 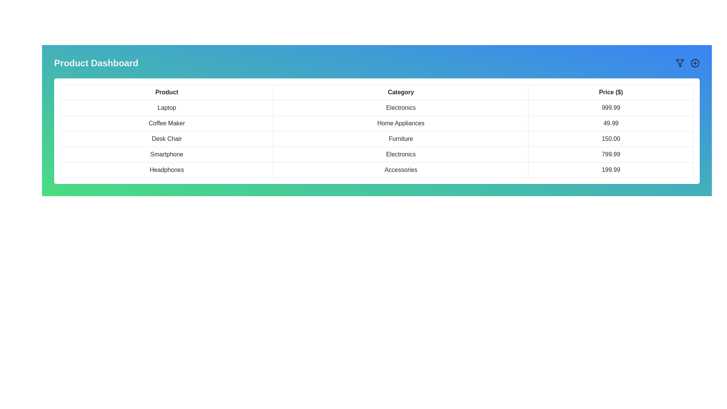 I want to click on the table row displaying 'Coffee Maker Home Appliances 49.99', so click(x=377, y=123).